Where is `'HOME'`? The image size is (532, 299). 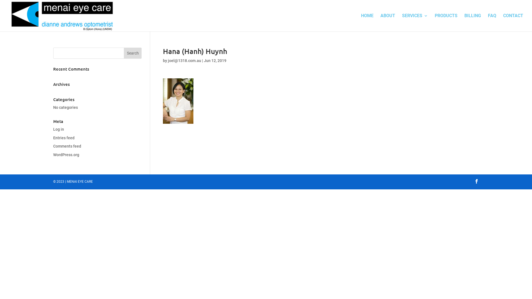 'HOME' is located at coordinates (367, 22).